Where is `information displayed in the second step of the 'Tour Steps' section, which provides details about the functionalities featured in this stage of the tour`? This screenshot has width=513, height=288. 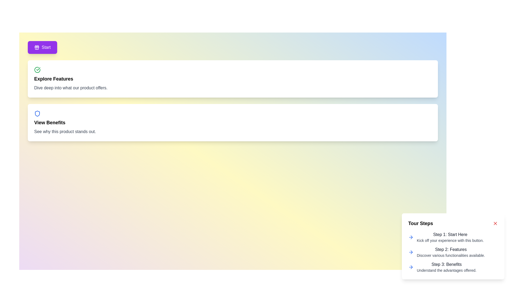 information displayed in the second step of the 'Tour Steps' section, which provides details about the functionalities featured in this stage of the tour is located at coordinates (450, 252).